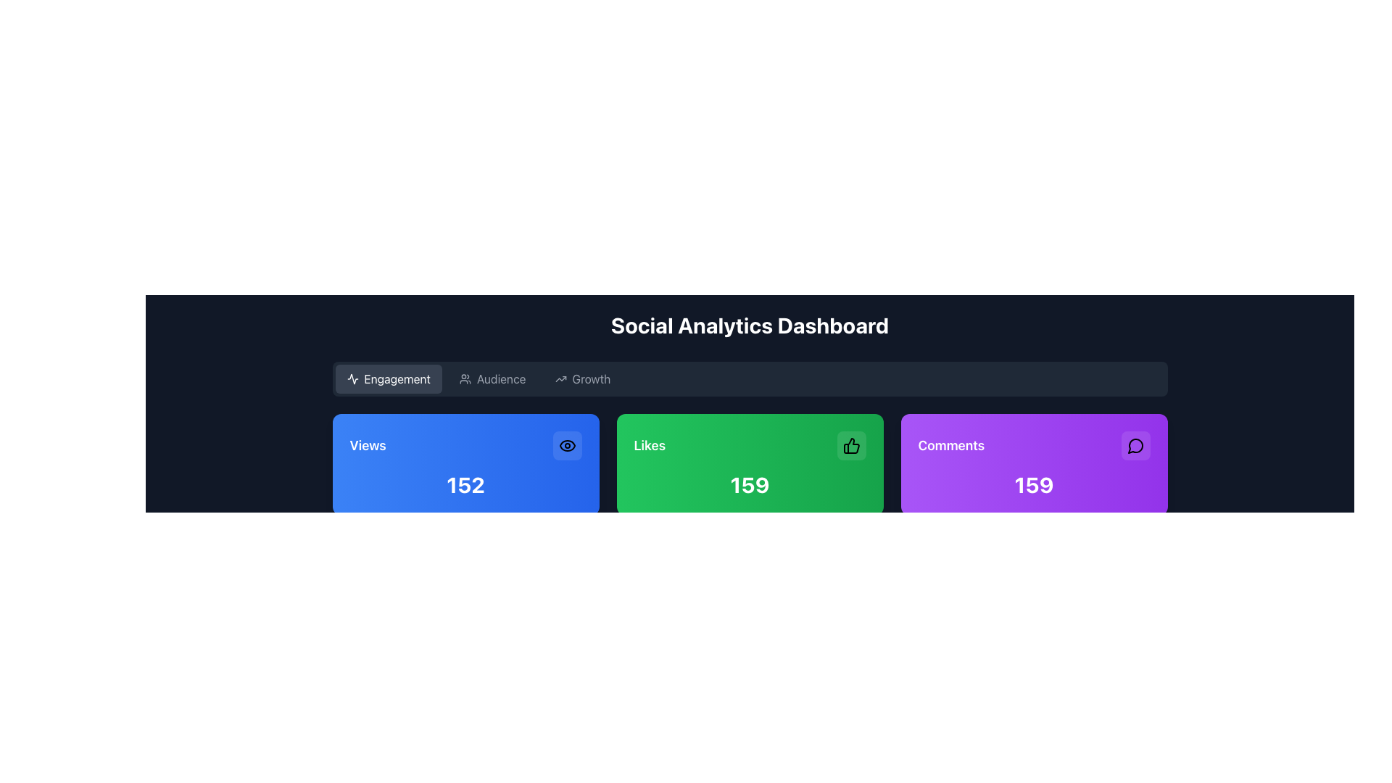 The width and height of the screenshot is (1392, 783). What do you see at coordinates (851, 444) in the screenshot?
I see `the small rectangular button with rounded corners, featuring a thumbs-up icon, located in the top right corner of the 'Likes' card in the metrics dashboard` at bounding box center [851, 444].